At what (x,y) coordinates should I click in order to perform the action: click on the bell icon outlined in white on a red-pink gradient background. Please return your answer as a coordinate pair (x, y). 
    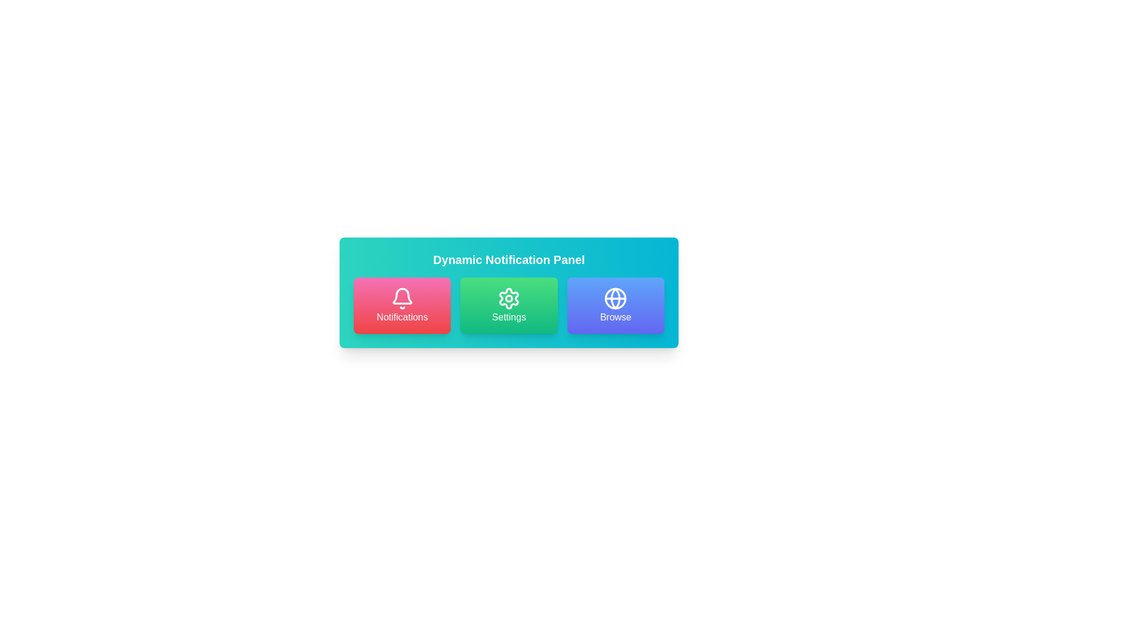
    Looking at the image, I should click on (402, 298).